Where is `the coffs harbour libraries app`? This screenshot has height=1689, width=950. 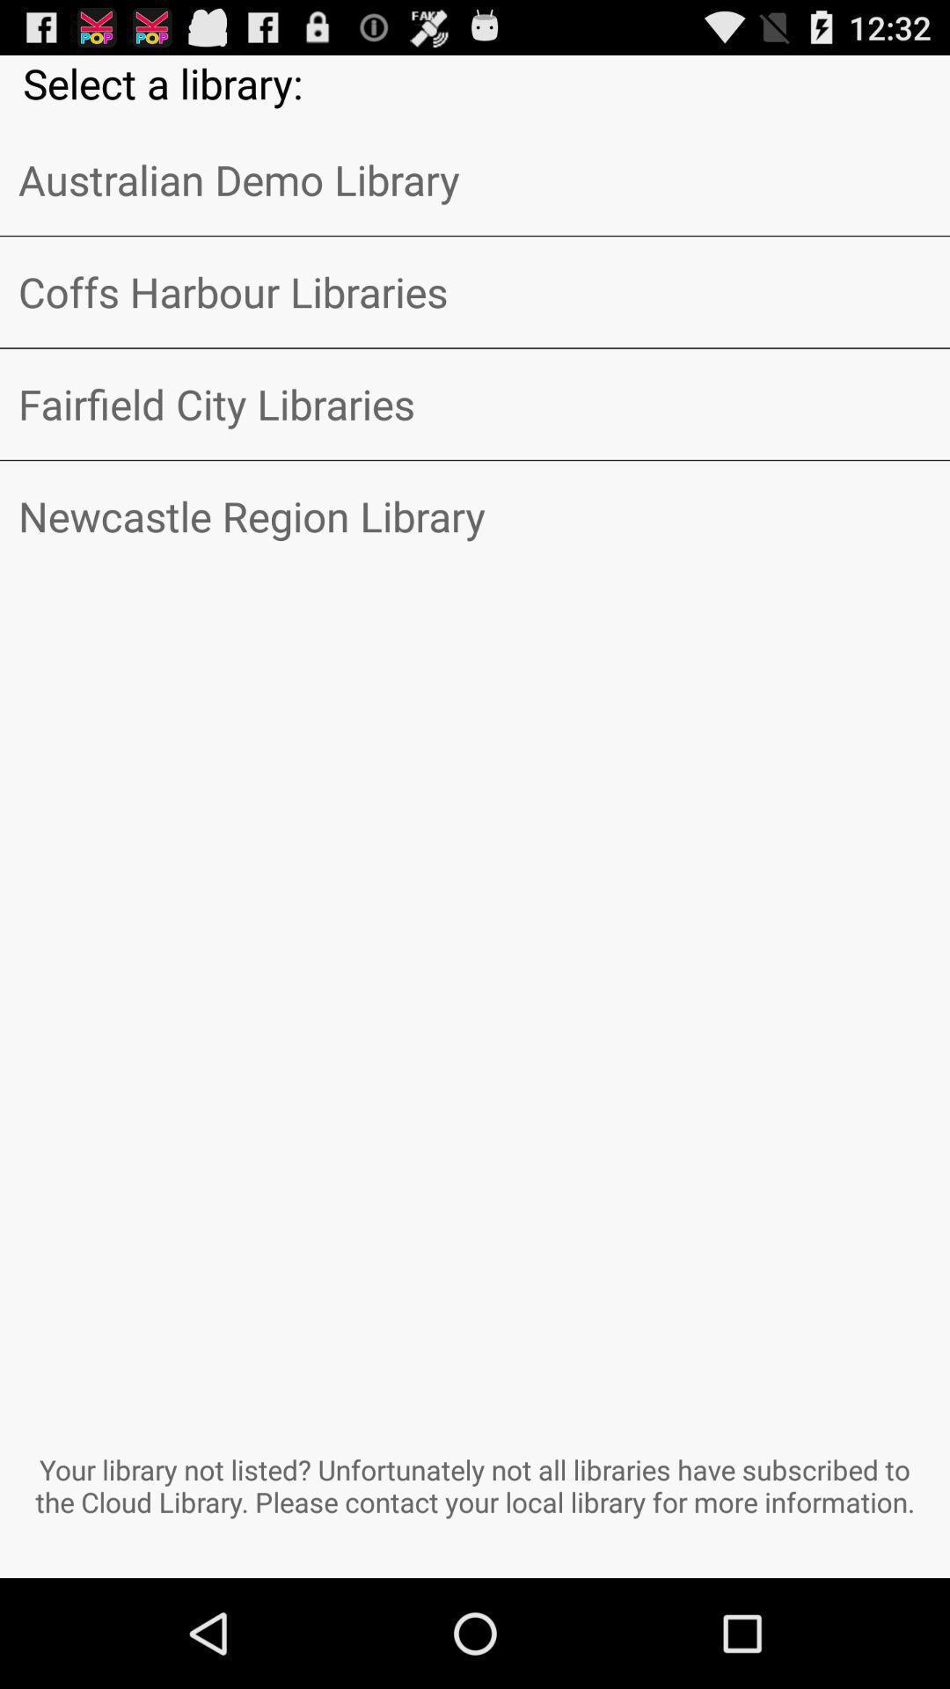
the coffs harbour libraries app is located at coordinates (475, 292).